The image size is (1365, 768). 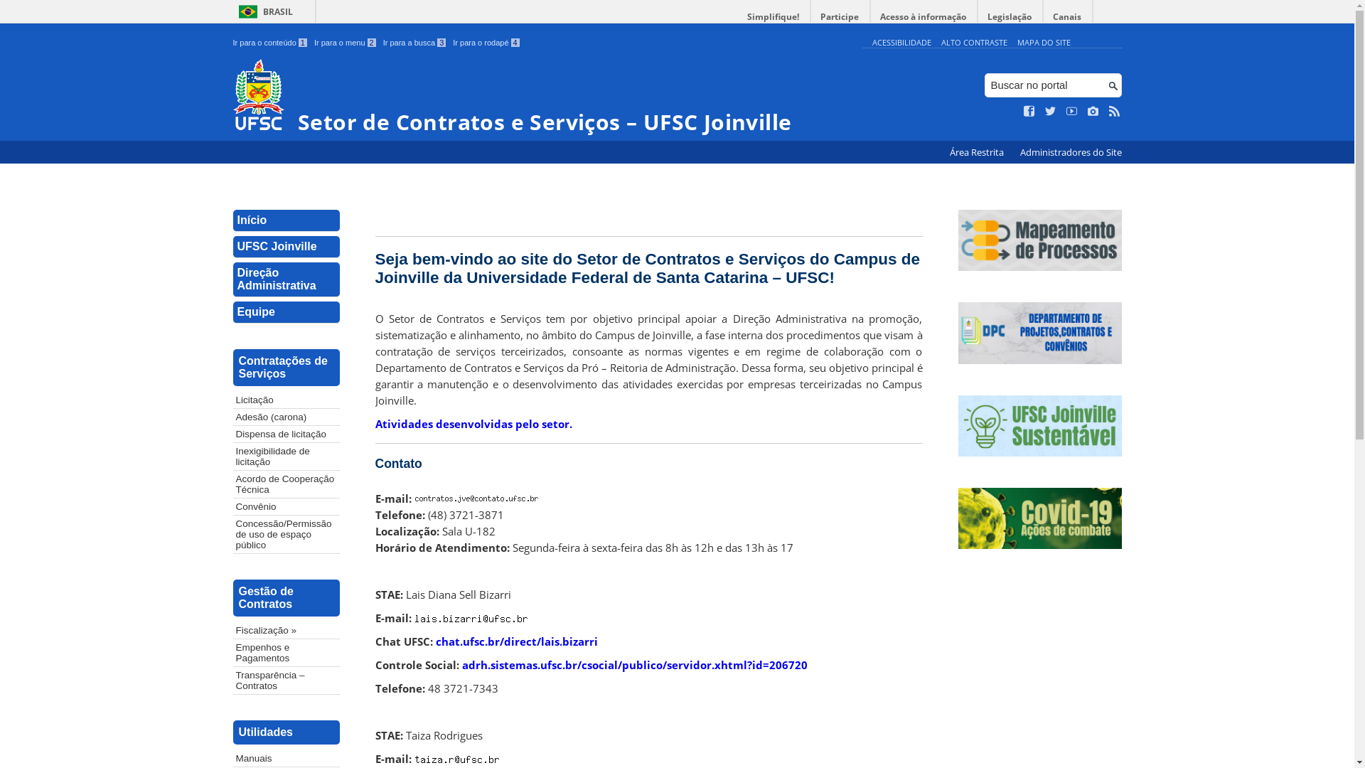 What do you see at coordinates (345, 42) in the screenshot?
I see `'Ir para o menu 2'` at bounding box center [345, 42].